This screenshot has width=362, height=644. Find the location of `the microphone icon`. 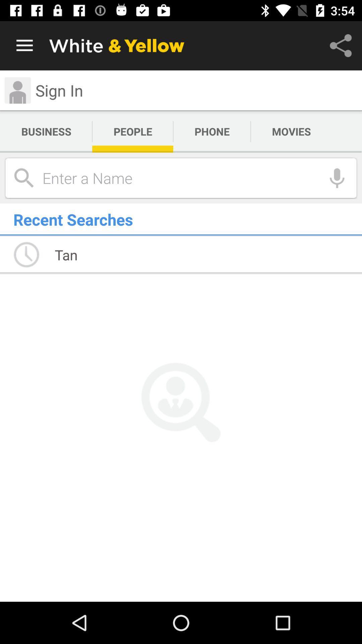

the microphone icon is located at coordinates (337, 178).